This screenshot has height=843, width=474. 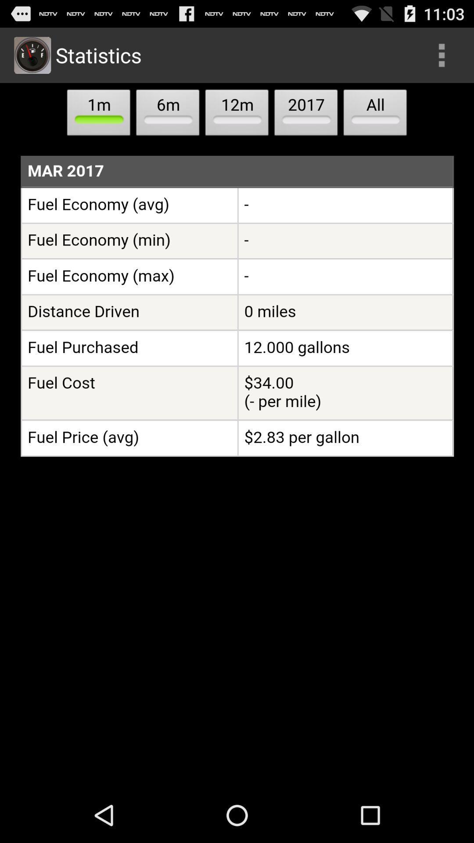 I want to click on option button, so click(x=442, y=54).